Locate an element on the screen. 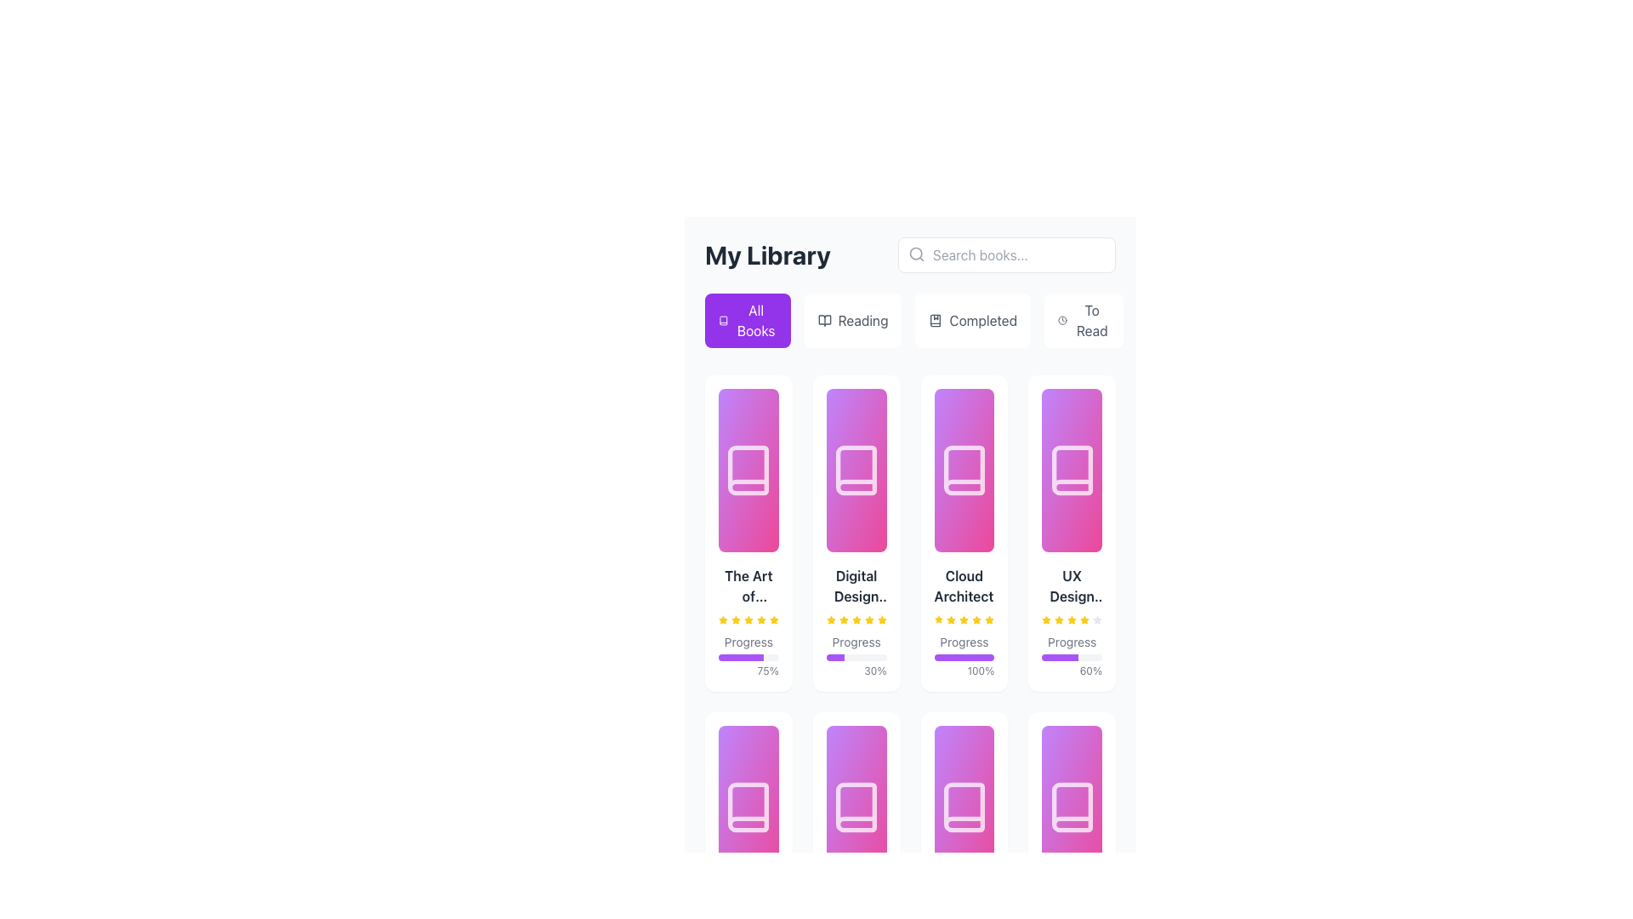 This screenshot has width=1633, height=919. the star icon in the rating system for the book titled 'The Art of', which is located just below the book cover thumbnail is located at coordinates (723, 619).